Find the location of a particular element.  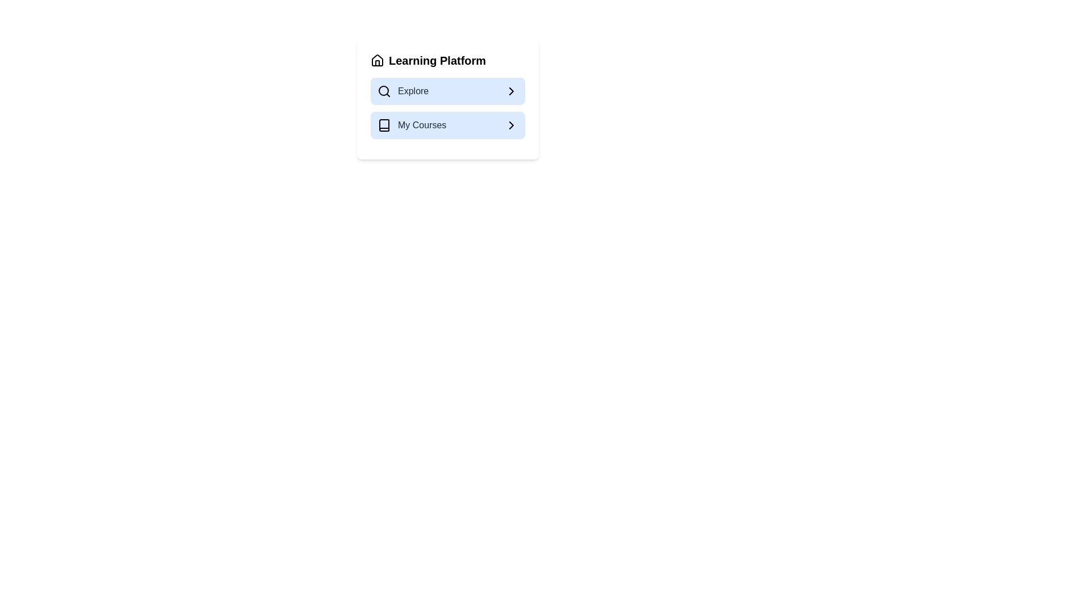

black triangular arrow icon indicating rightward navigation, which is part of the SVG image located to the right of the 'Explore' label in the 'Learning Platform' interface is located at coordinates (511, 91).